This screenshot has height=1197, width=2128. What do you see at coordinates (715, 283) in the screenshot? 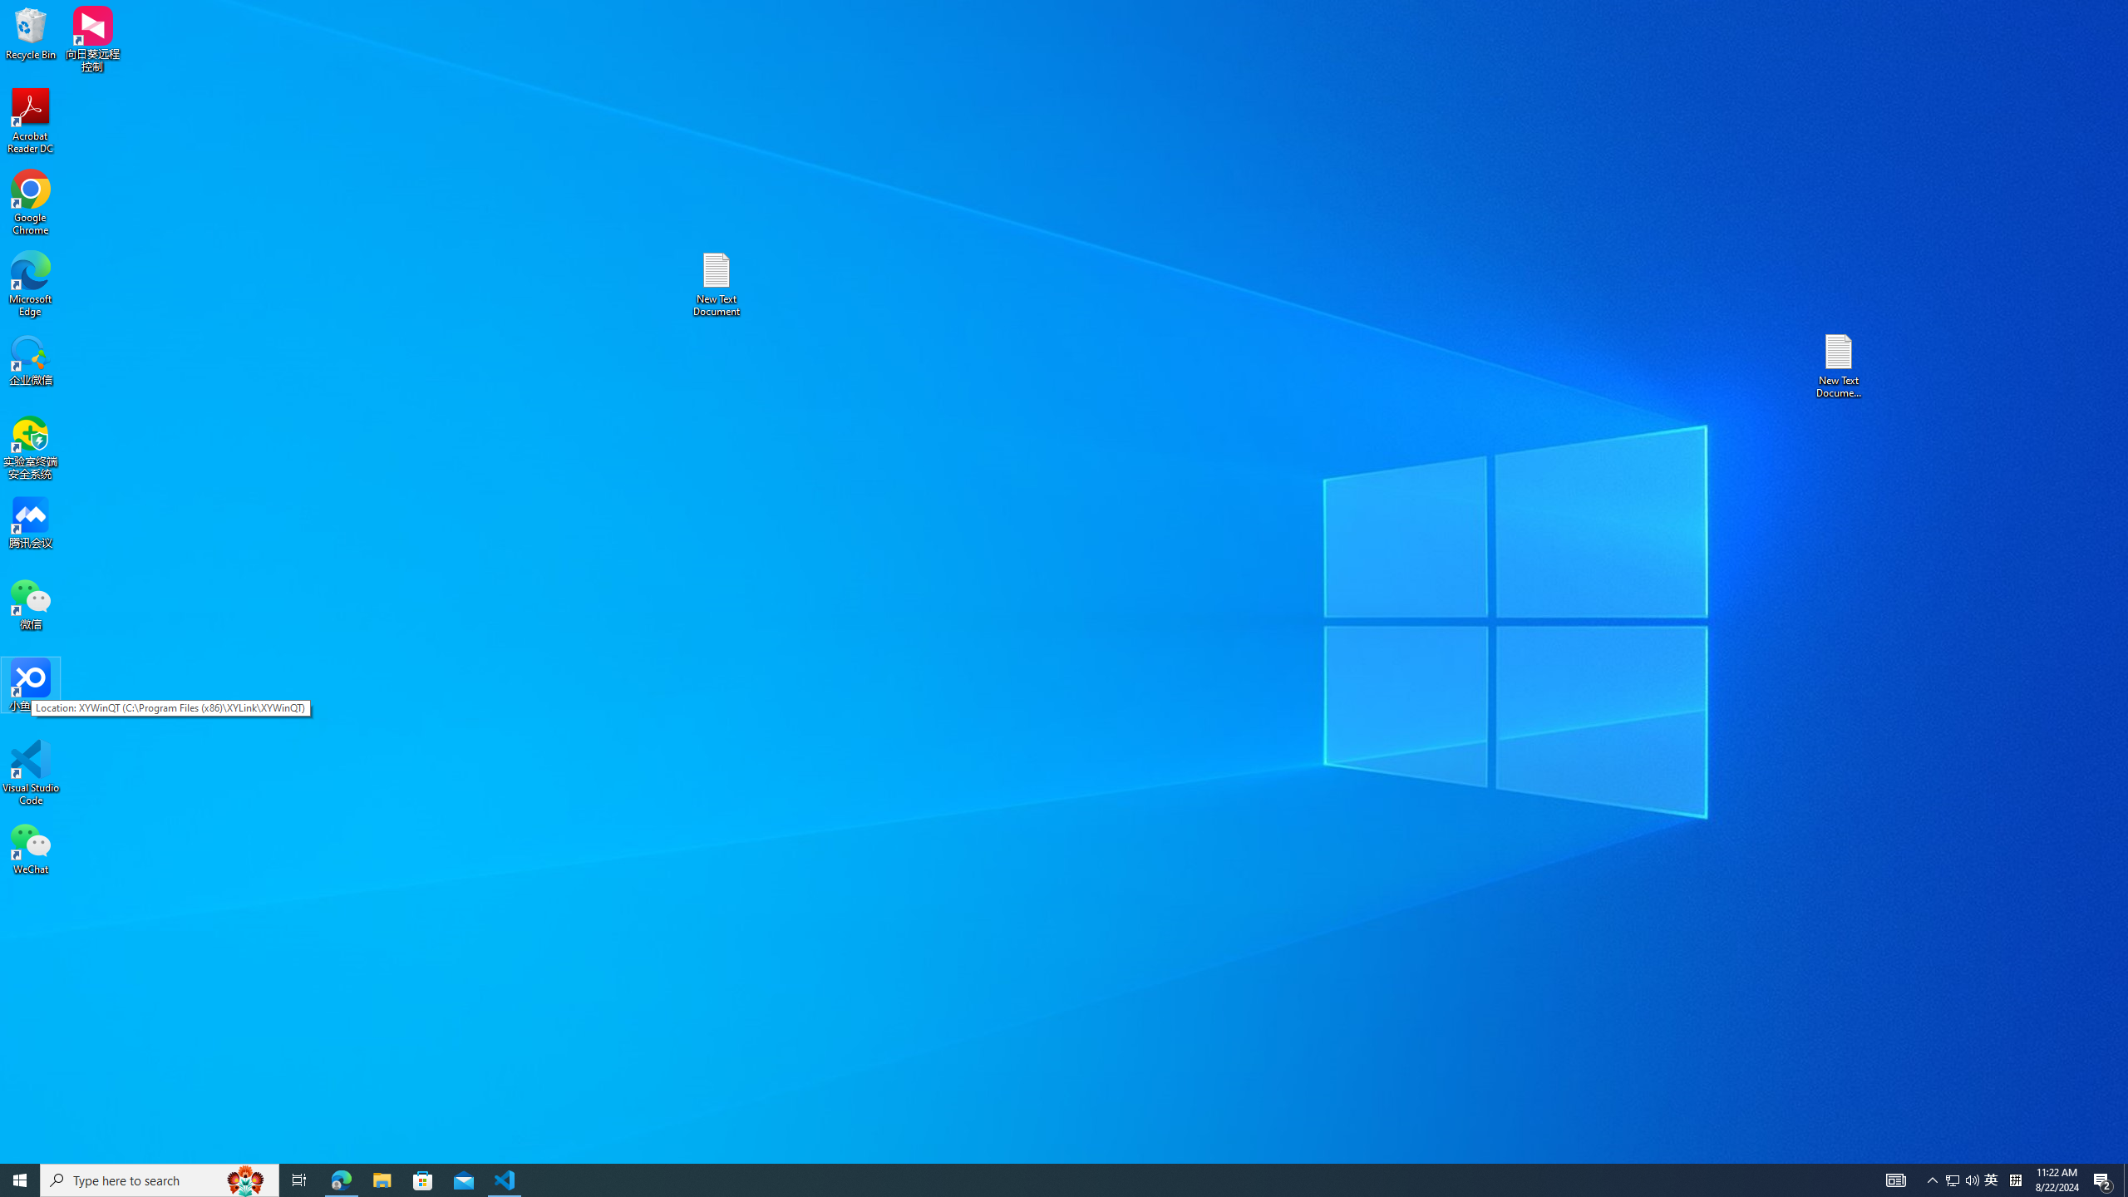
I see `'New Text Document'` at bounding box center [715, 283].